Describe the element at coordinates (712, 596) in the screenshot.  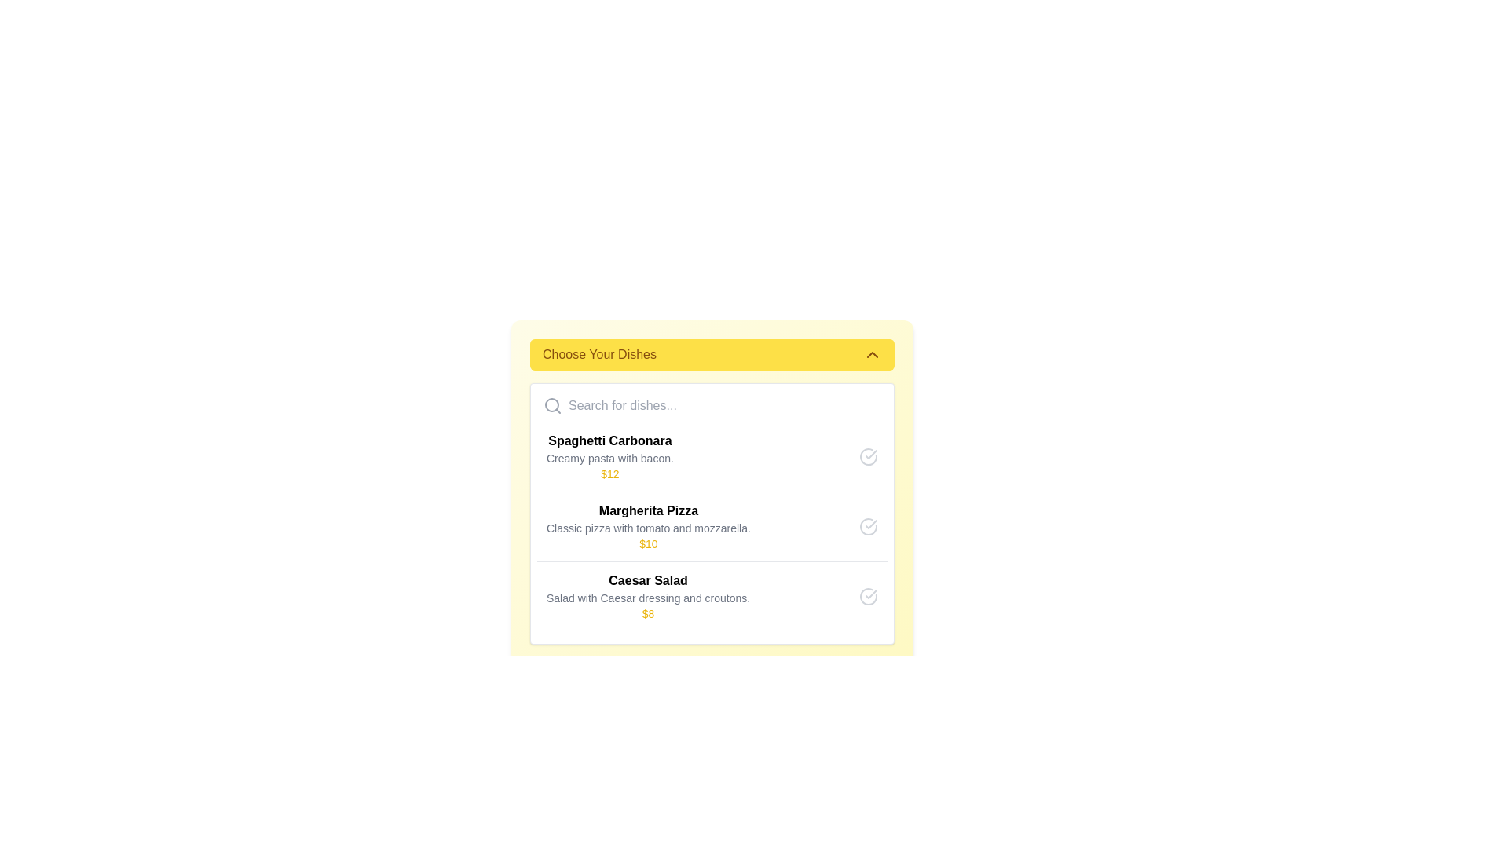
I see `the third menu item in the list, which is labeled 'Caesar Salad'` at that location.